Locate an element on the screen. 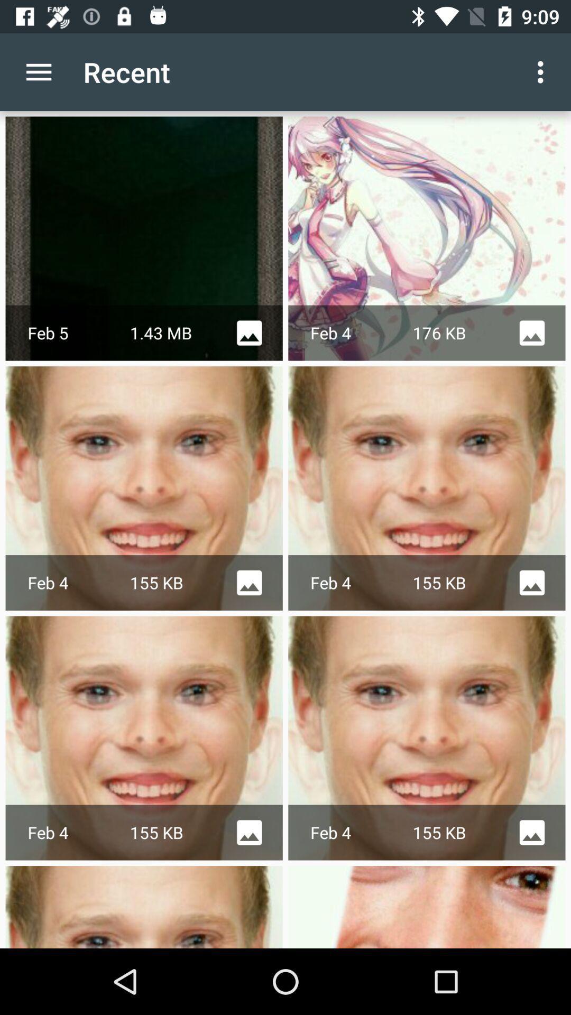 The height and width of the screenshot is (1015, 571). the item next to the recent icon is located at coordinates (543, 71).